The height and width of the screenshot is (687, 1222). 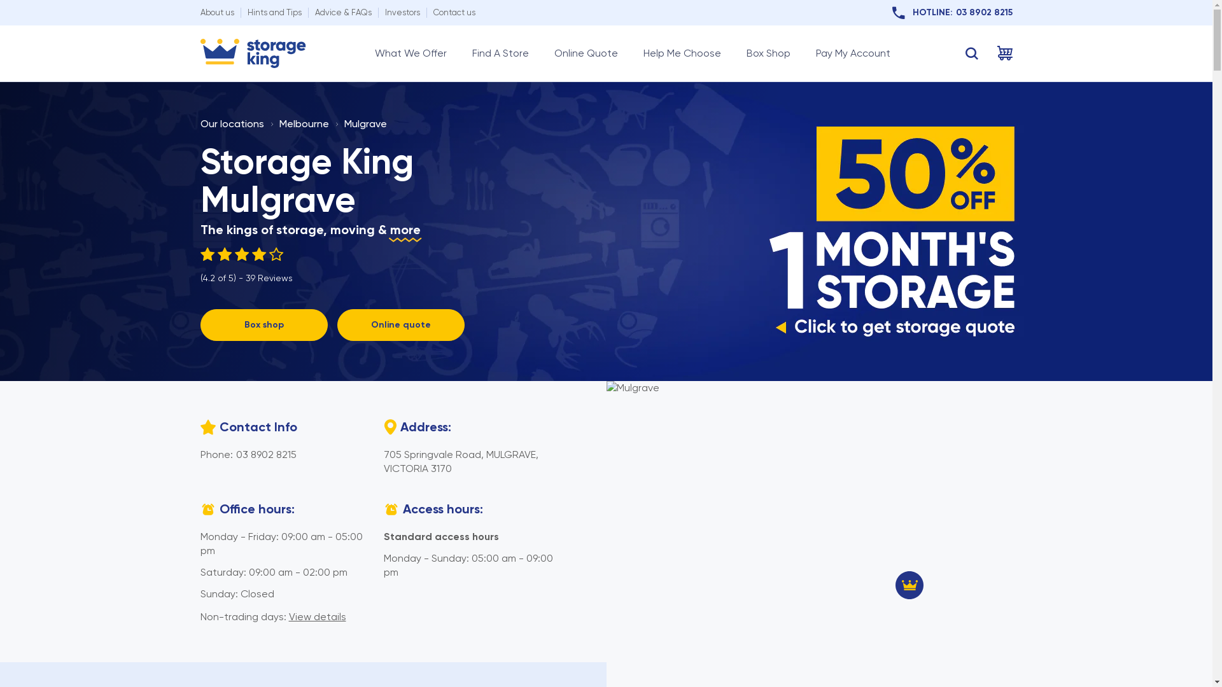 What do you see at coordinates (460, 461) in the screenshot?
I see `'705 Springvale Road, MULGRAVE, VICTORIA 3170'` at bounding box center [460, 461].